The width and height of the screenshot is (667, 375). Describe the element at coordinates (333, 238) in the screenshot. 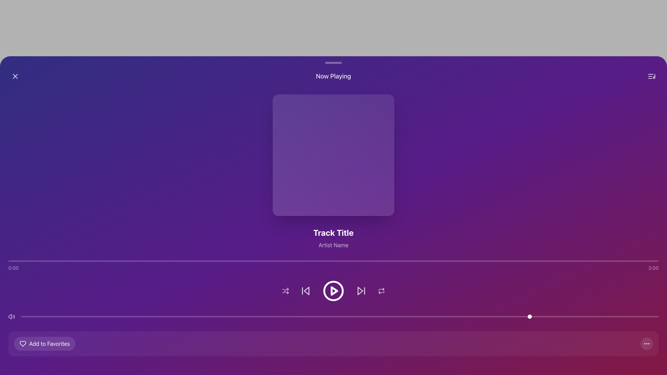

I see `the text component displaying the title of the currently playing track and the artist's name, located centrally at the bottom of the album art section` at that location.